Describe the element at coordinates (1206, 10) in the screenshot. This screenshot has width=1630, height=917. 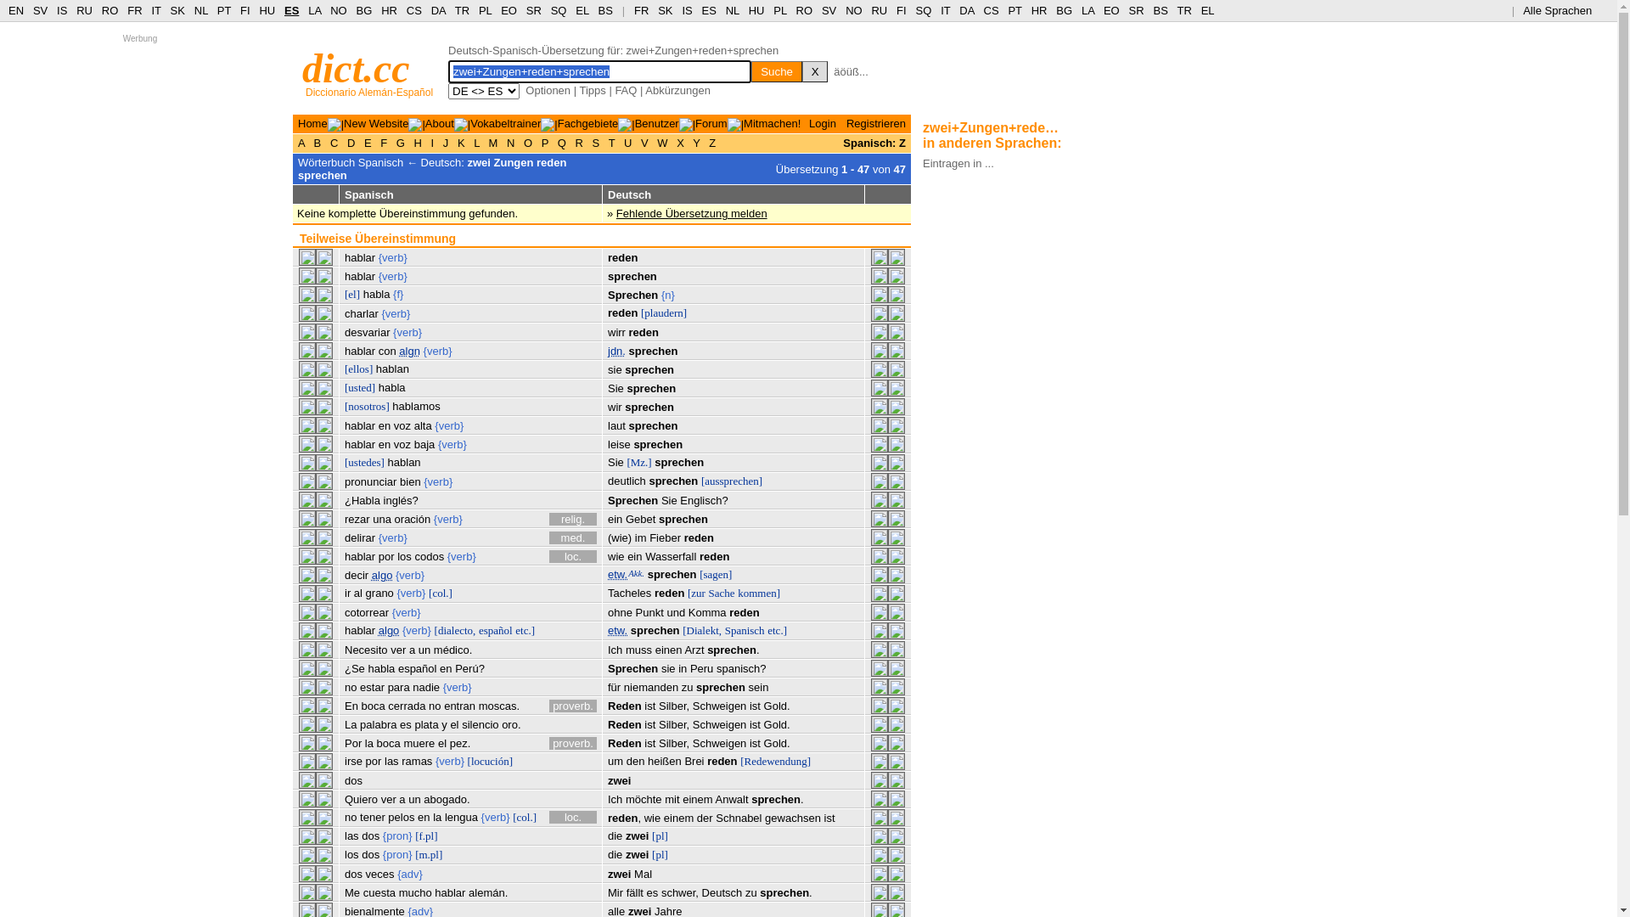
I see `'EL'` at that location.